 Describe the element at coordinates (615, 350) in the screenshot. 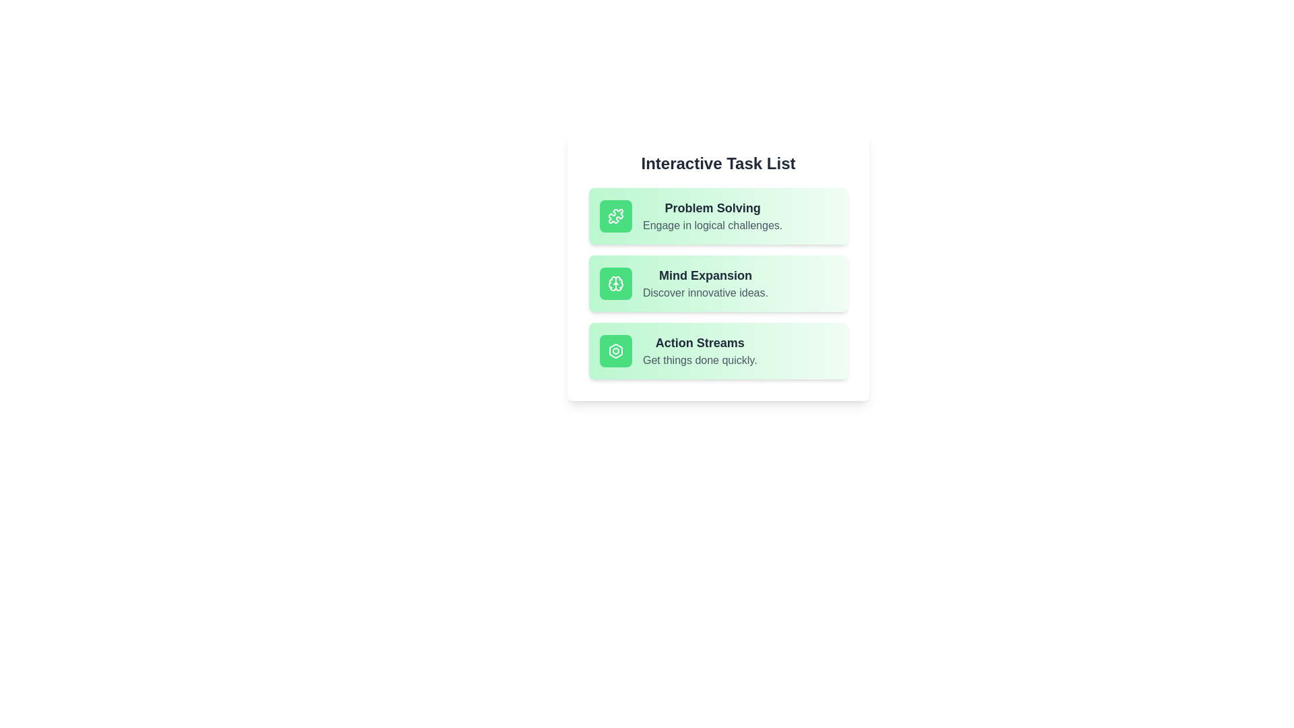

I see `the icon associated with the Action Streams item` at that location.